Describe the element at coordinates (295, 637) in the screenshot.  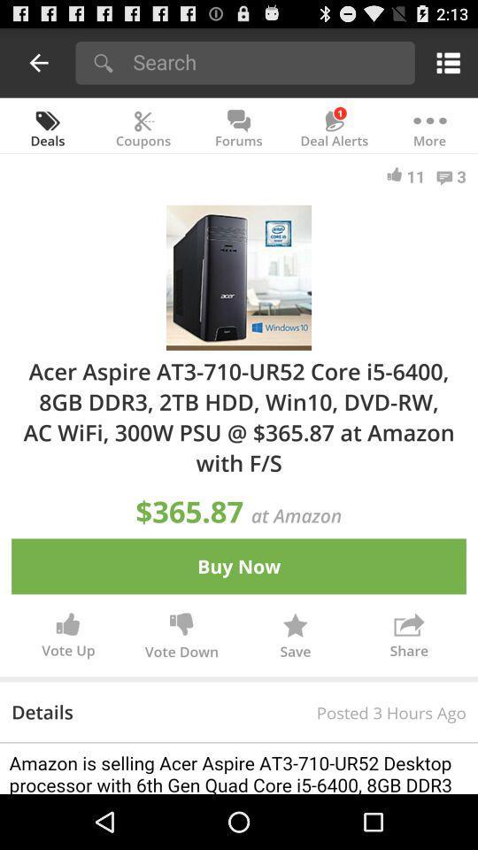
I see `item next to the share` at that location.